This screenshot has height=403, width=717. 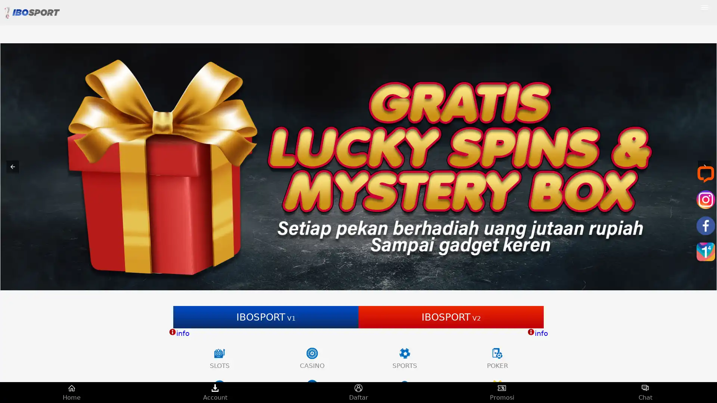 What do you see at coordinates (12, 166) in the screenshot?
I see `Previous item in carousel (3 of 5)` at bounding box center [12, 166].